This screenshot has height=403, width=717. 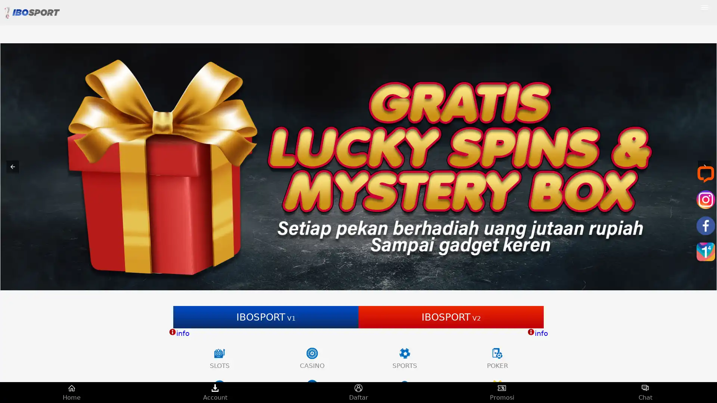 What do you see at coordinates (12, 166) in the screenshot?
I see `Previous item in carousel (3 of 5)` at bounding box center [12, 166].